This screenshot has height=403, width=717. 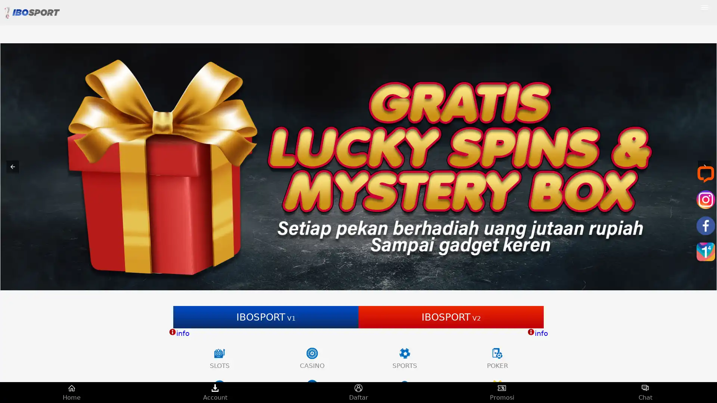 What do you see at coordinates (12, 166) in the screenshot?
I see `Previous item in carousel (3 of 5)` at bounding box center [12, 166].